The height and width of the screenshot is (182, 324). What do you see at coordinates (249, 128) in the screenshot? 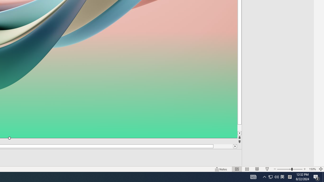
I see `'Page down'` at bounding box center [249, 128].